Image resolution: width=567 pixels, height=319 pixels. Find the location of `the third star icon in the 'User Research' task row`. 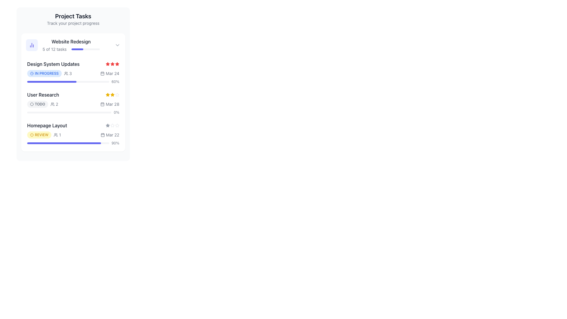

the third star icon in the 'User Research' task row is located at coordinates (112, 94).